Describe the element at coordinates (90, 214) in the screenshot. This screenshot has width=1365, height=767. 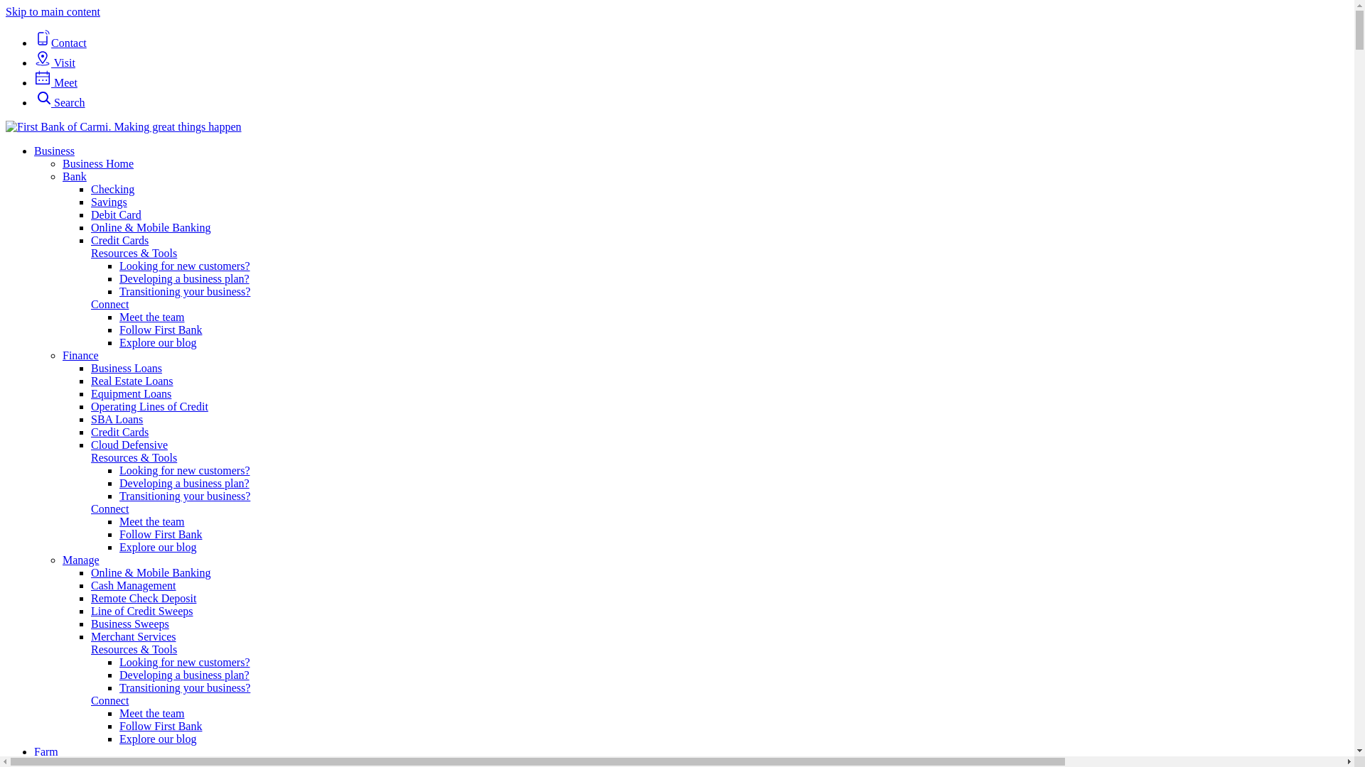
I see `'Debit Card'` at that location.